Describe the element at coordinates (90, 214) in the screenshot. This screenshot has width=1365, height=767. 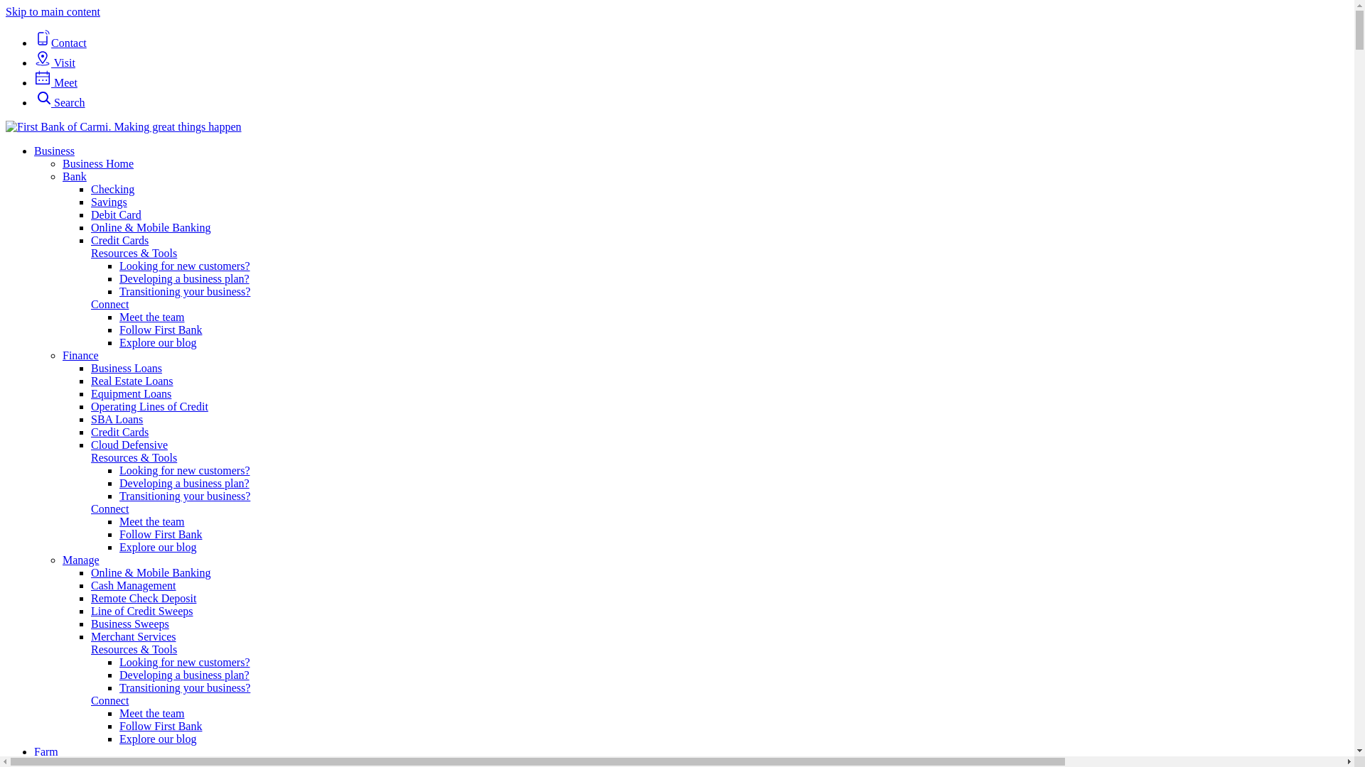
I see `'Debit Card'` at that location.